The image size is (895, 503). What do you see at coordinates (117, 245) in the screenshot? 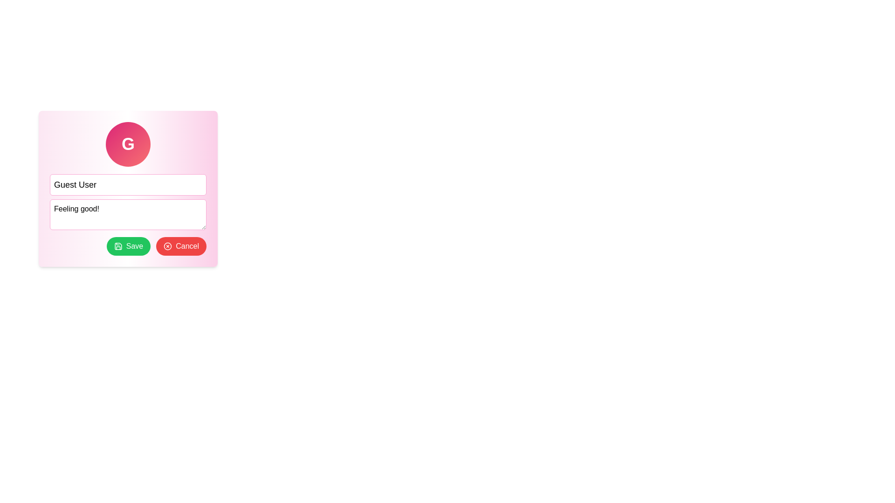
I see `the save action icon, which is visually indicated on the left side of the 'Save' button` at bounding box center [117, 245].